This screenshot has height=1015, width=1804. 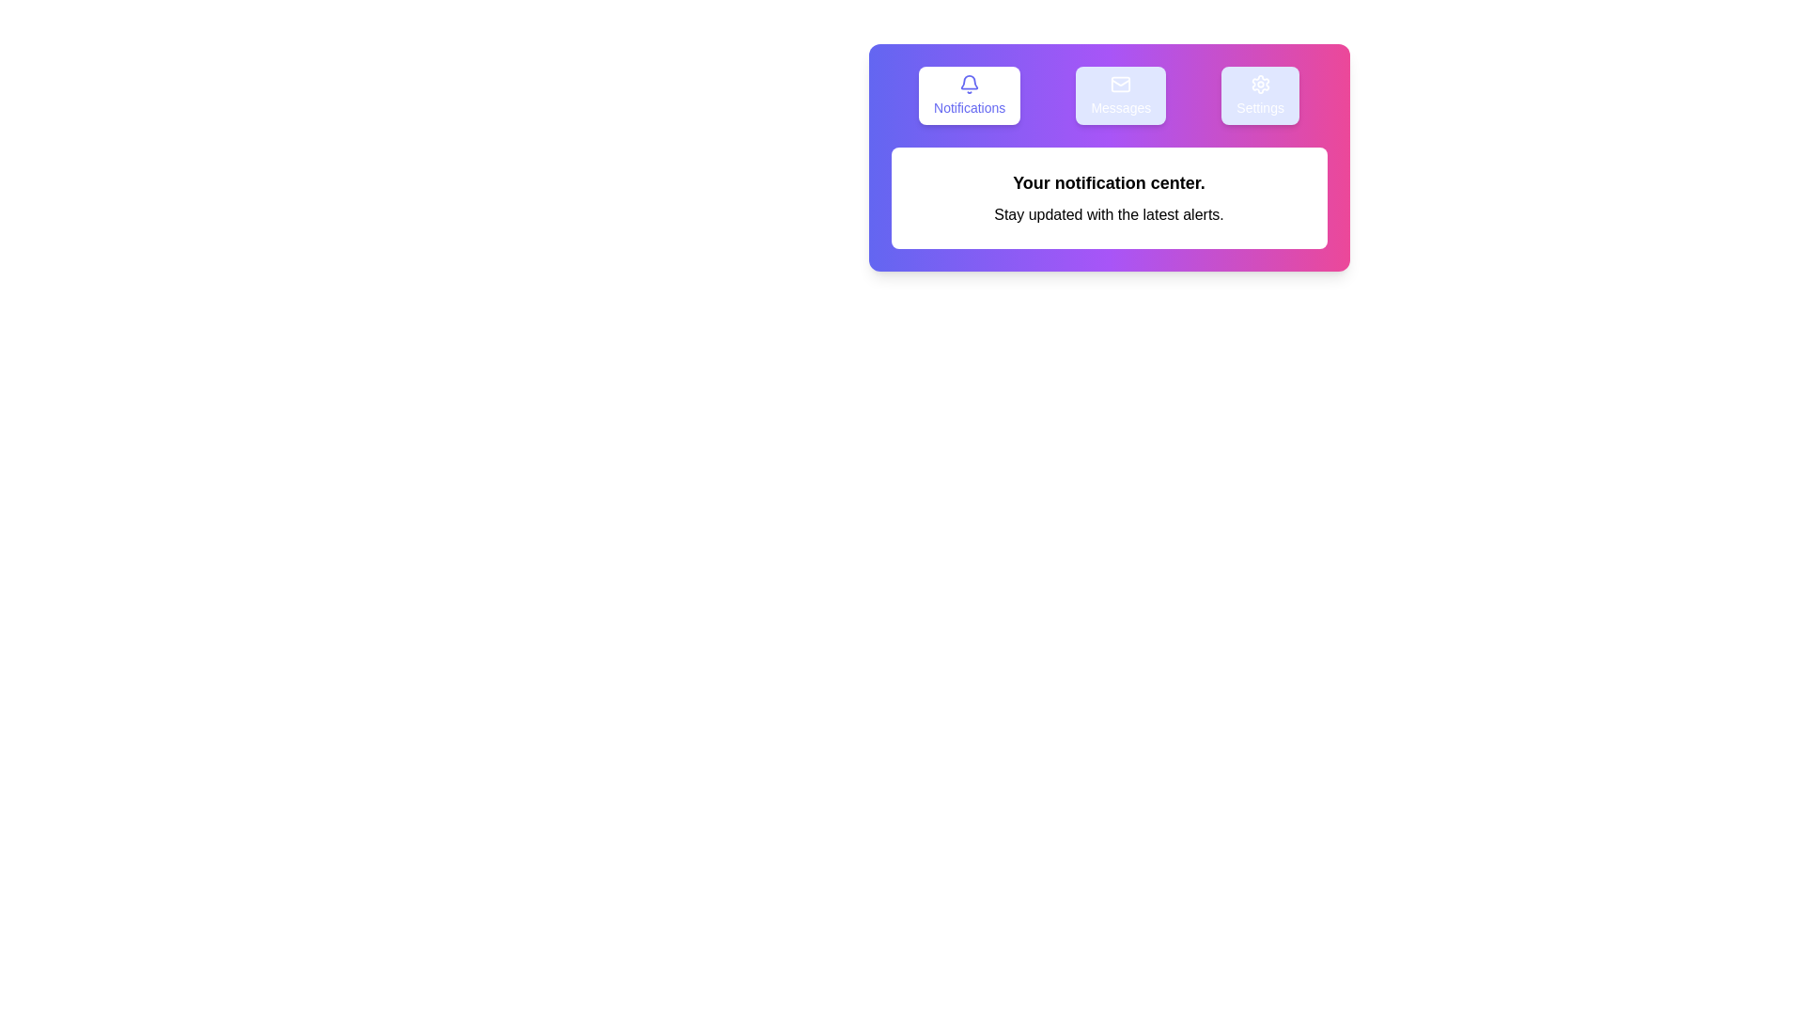 What do you see at coordinates (970, 95) in the screenshot?
I see `the notifications button located in the top-left section of a row of three buttons` at bounding box center [970, 95].